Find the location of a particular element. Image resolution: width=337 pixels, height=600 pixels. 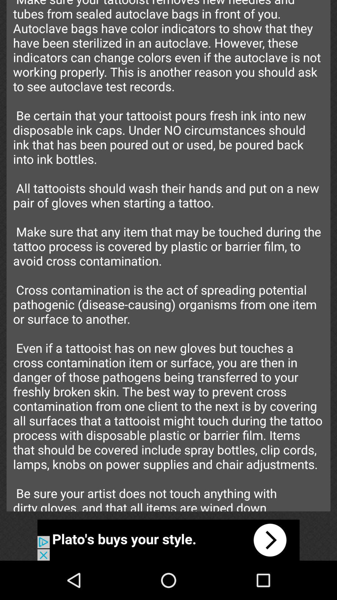

advertisement is located at coordinates (168, 540).